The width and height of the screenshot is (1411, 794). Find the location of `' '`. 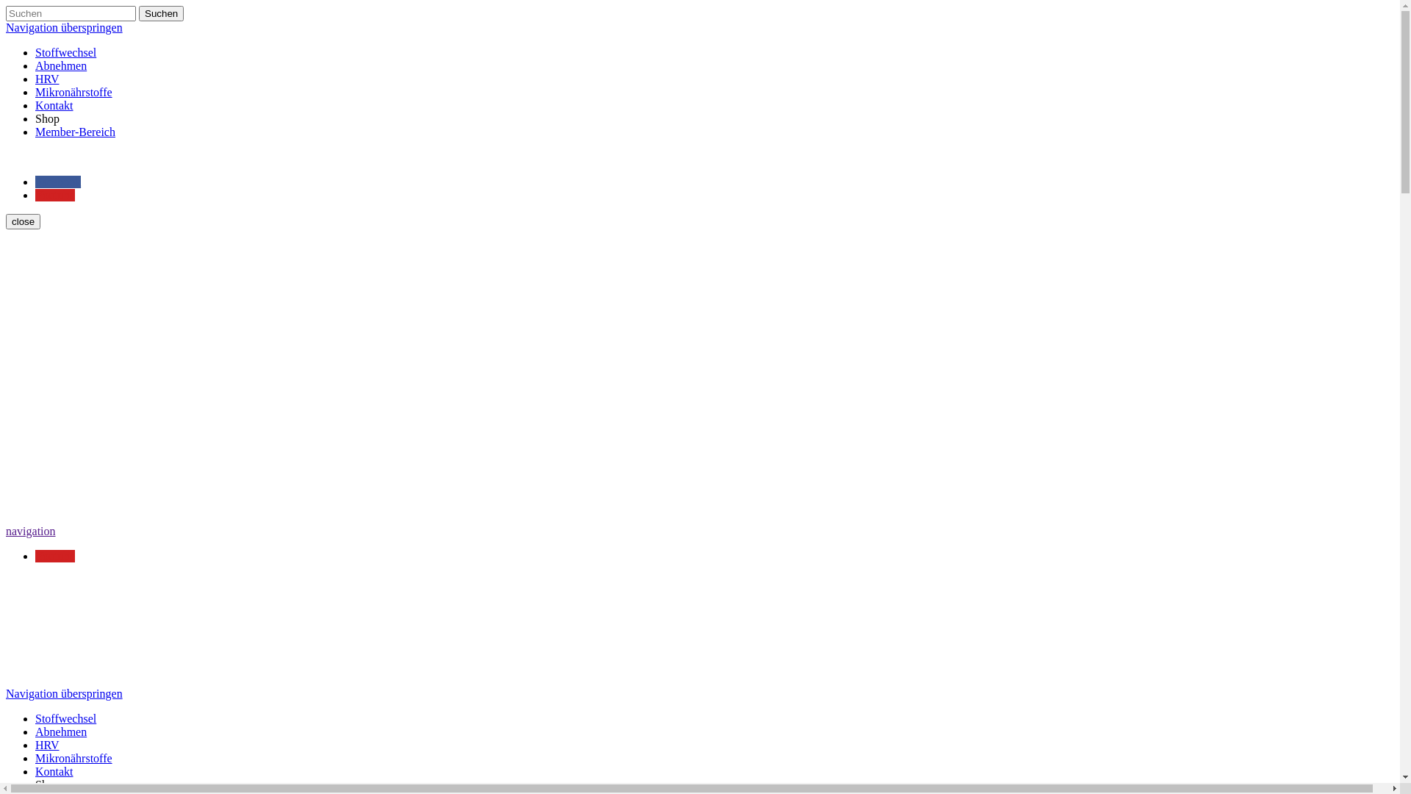

' ' is located at coordinates (7, 157).